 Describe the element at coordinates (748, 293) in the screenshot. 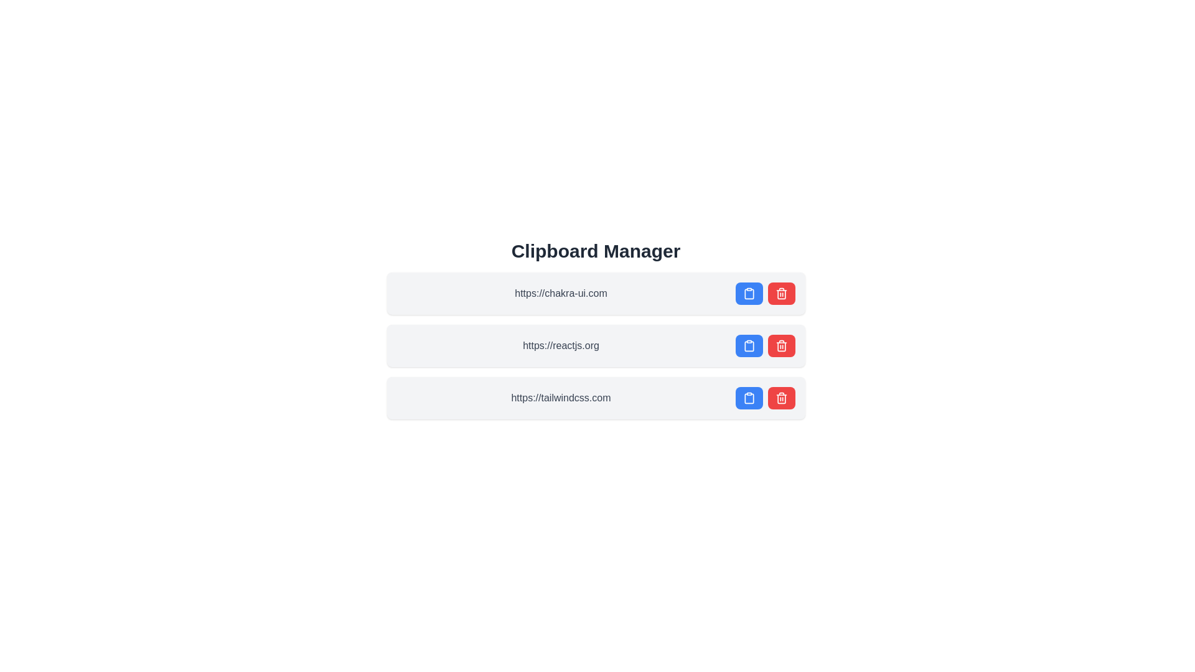

I see `the clipboard icon located on the right side of the first row in a list displaying URLs, which serves the purpose of 'copy to clipboard'` at that location.